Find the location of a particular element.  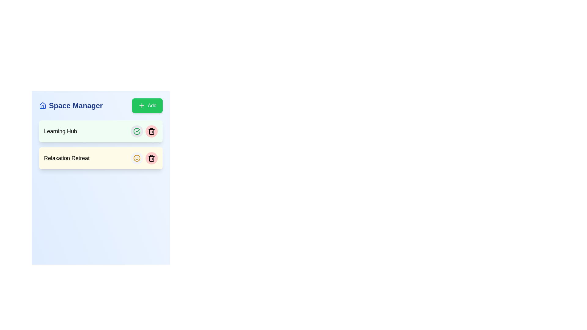

the button located on the right side of the 'Space Manager' label is located at coordinates (147, 105).